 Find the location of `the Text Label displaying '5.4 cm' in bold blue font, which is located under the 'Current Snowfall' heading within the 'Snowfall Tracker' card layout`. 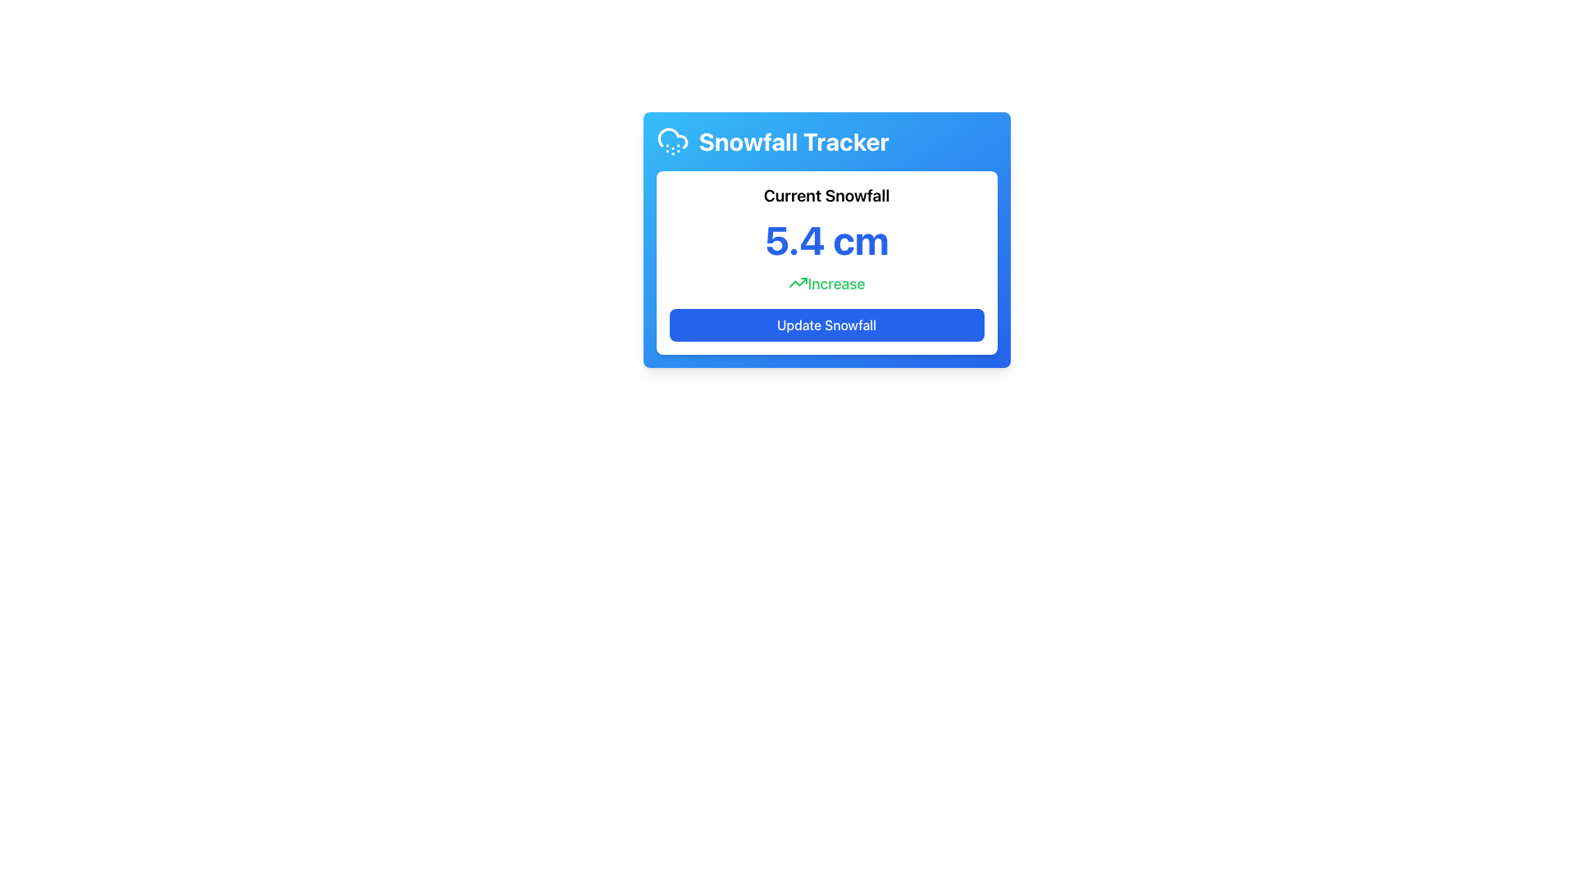

the Text Label displaying '5.4 cm' in bold blue font, which is located under the 'Current Snowfall' heading within the 'Snowfall Tracker' card layout is located at coordinates (826, 240).